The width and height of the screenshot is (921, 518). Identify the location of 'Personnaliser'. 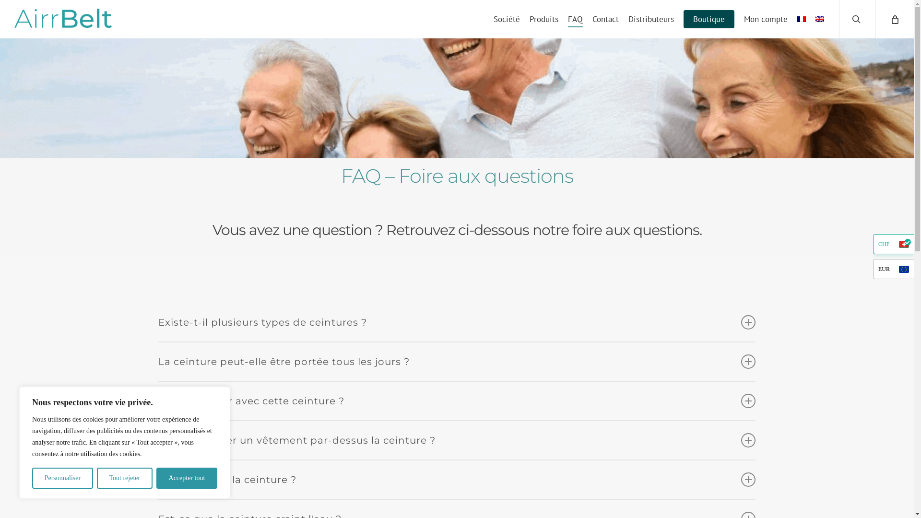
(62, 478).